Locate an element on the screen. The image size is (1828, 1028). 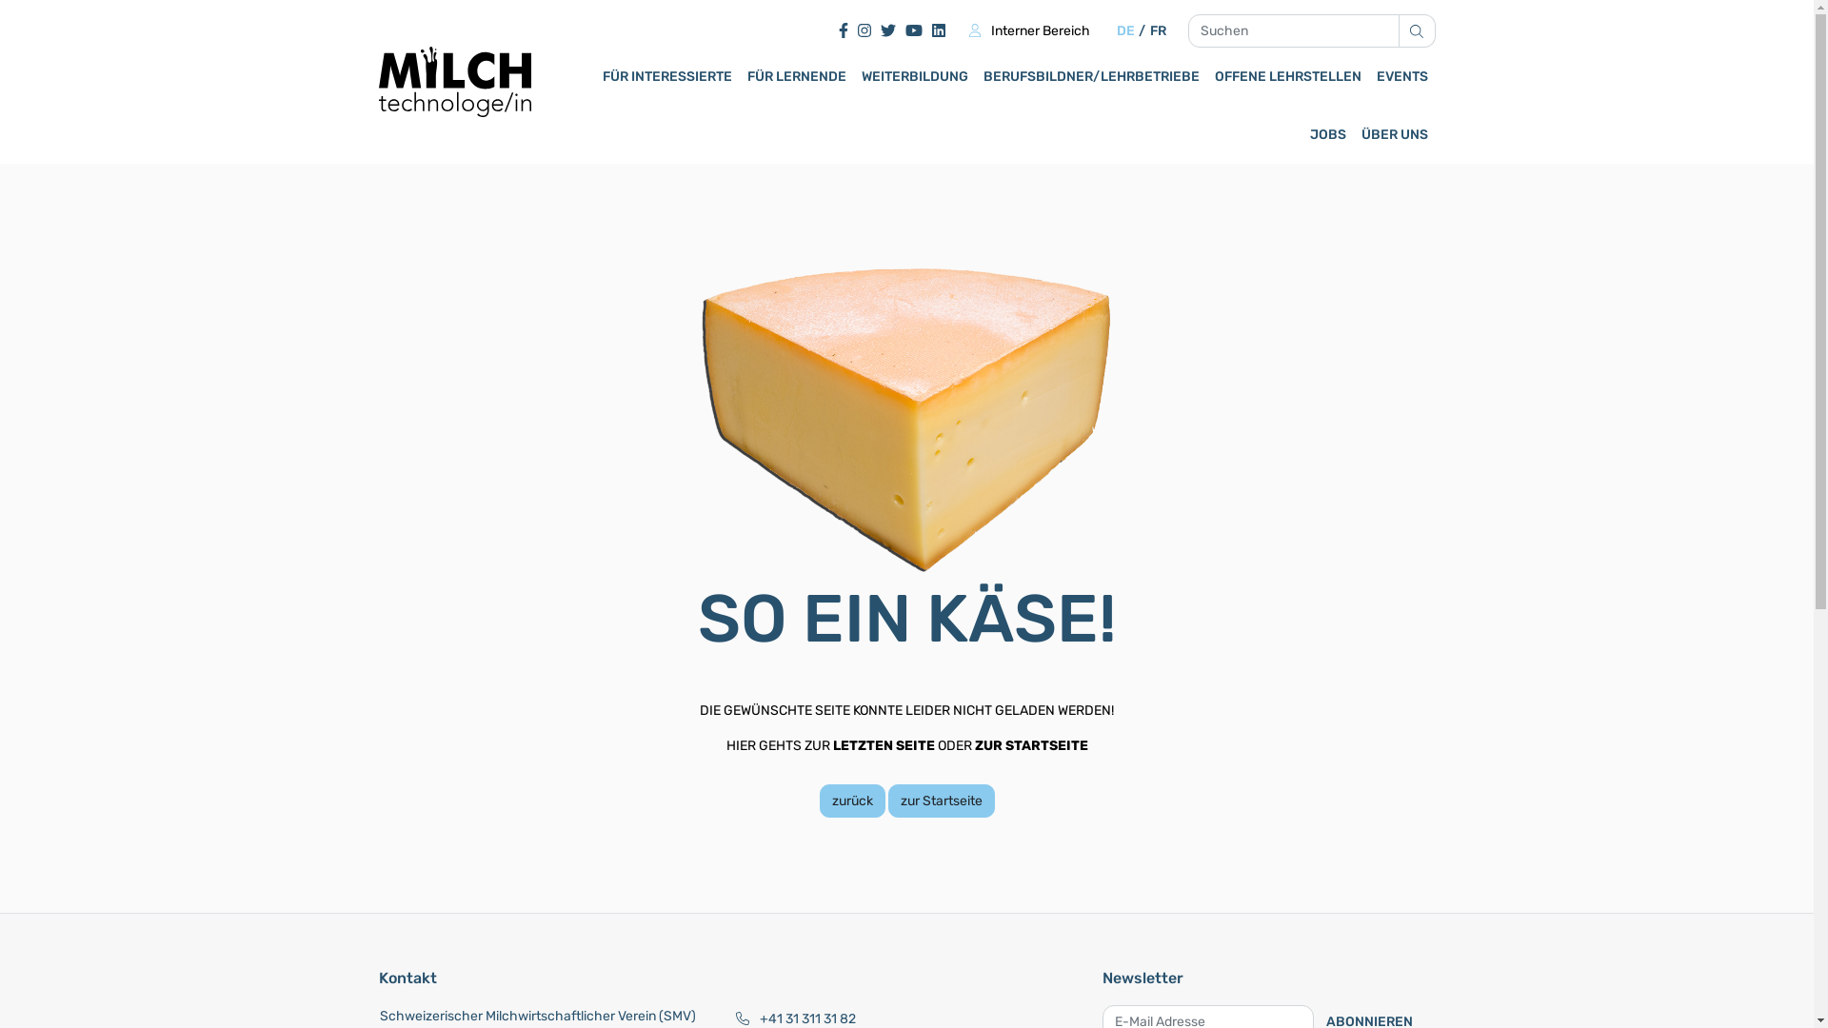
'FR' is located at coordinates (1157, 30).